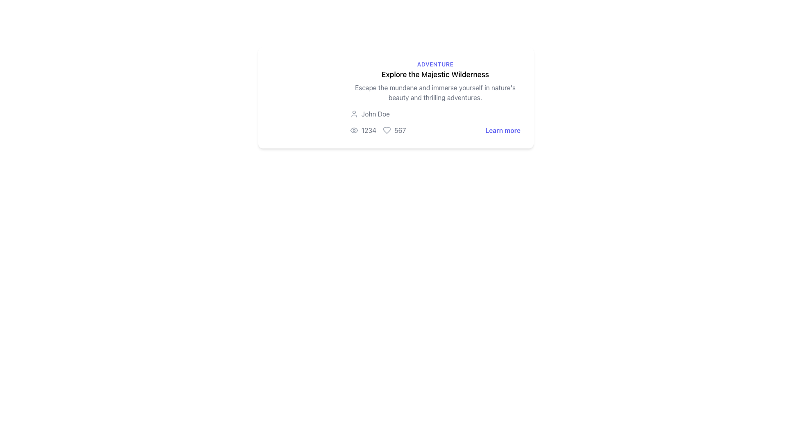 This screenshot has height=443, width=787. Describe the element at coordinates (378, 130) in the screenshot. I see `displayed values from the Summary display that shows statistics such as views and likes, located below 'John Doe' and above the 'Learn more' link` at that location.